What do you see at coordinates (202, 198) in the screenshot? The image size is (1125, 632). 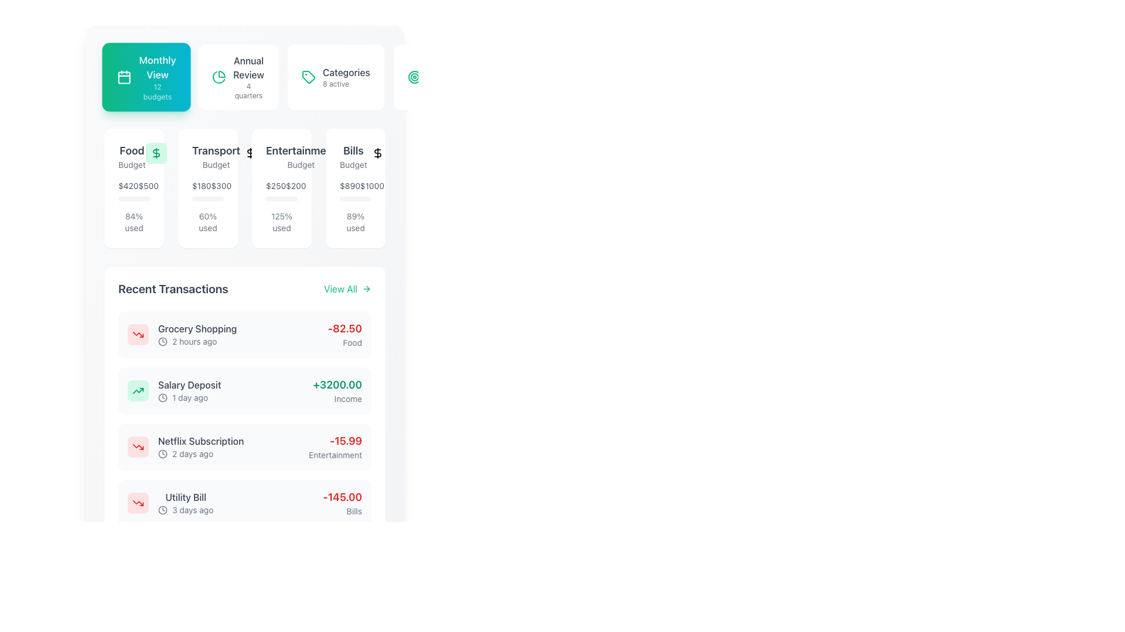 I see `the progress bar indicating 60% usage within the 'Transport' budget card, located beneath the budget details and above the percentage usage details` at bounding box center [202, 198].